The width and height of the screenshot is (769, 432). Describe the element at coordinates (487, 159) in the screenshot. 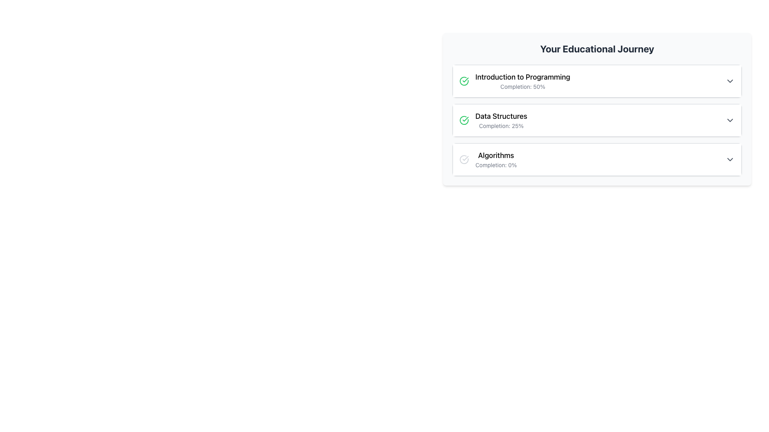

I see `the 'Algorithms' Text Display with Icon, which features a bold black heading and a gray 'Completion: 0%' label beneath it, located in the 'Your Educational Journey' card layout` at that location.